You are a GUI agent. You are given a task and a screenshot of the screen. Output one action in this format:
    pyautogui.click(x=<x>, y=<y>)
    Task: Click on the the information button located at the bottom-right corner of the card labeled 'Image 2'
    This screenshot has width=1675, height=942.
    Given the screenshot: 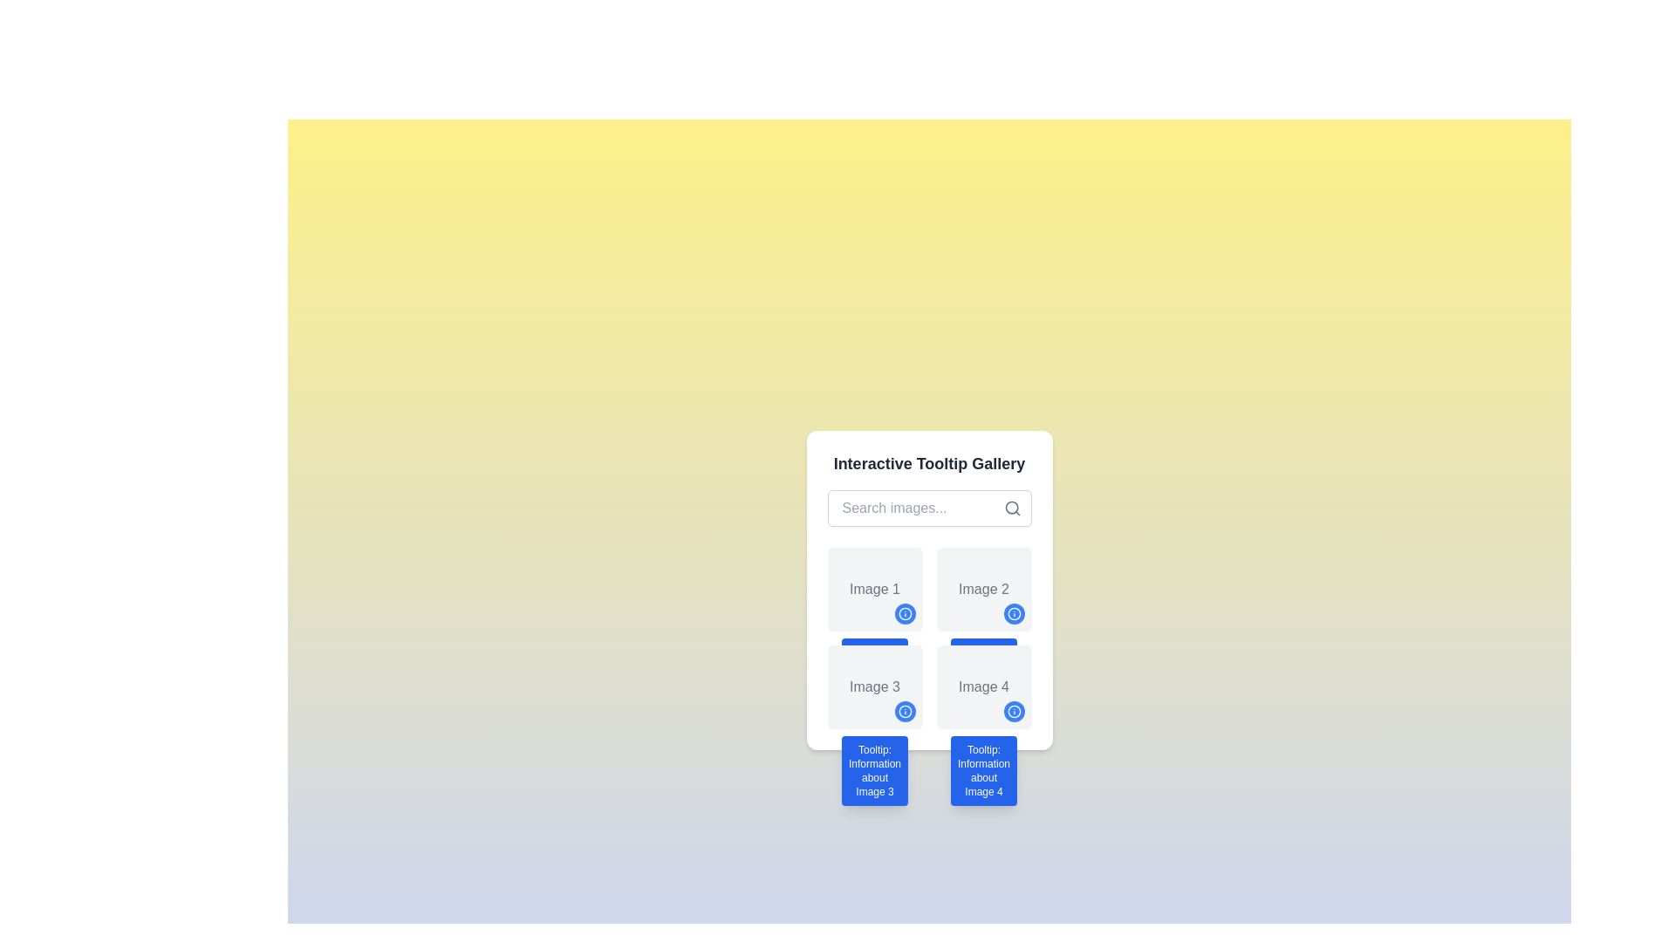 What is the action you would take?
    pyautogui.click(x=1014, y=613)
    